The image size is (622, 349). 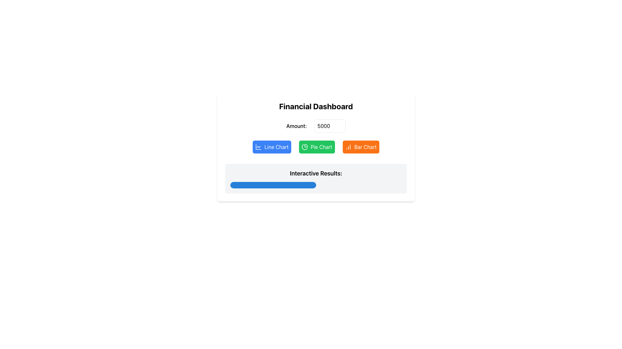 What do you see at coordinates (316, 147) in the screenshot?
I see `the bright green 'Pie Chart' button, which has rounded corners and features a white text label with a pie chart icon to the left` at bounding box center [316, 147].